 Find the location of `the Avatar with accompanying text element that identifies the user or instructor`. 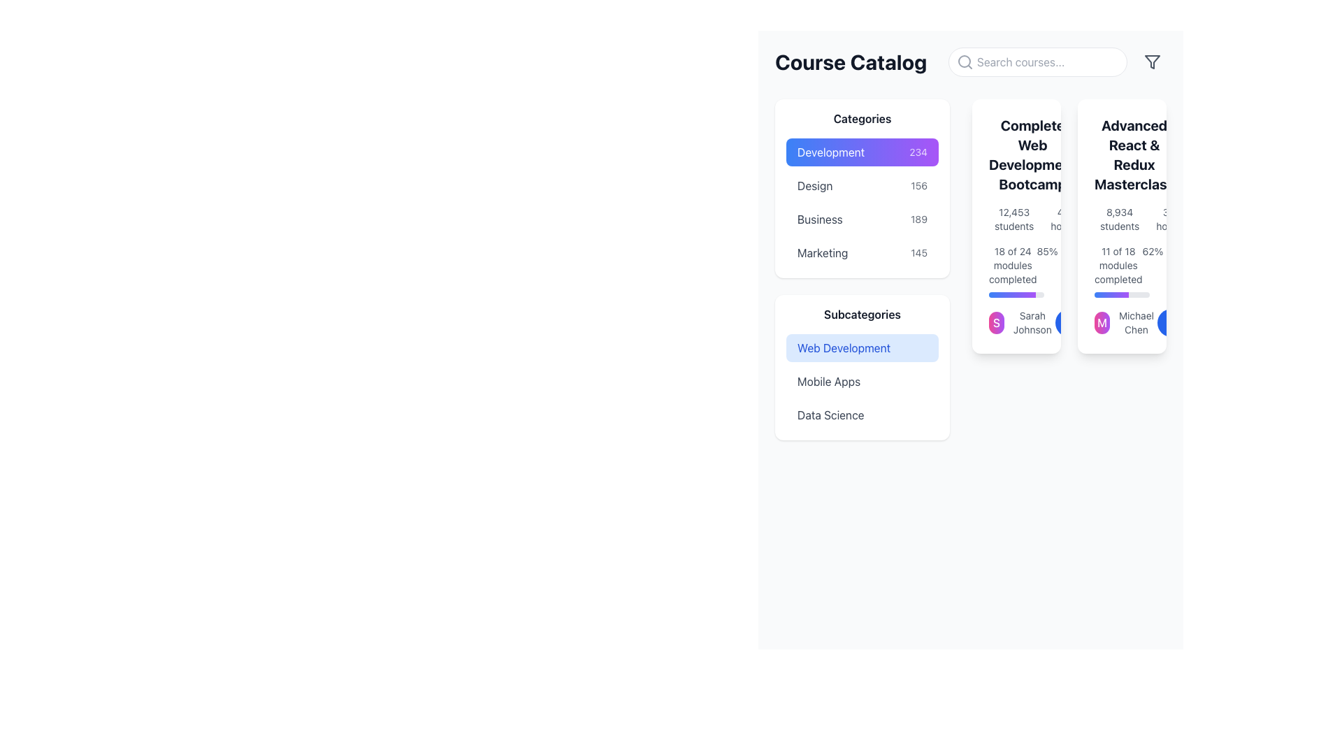

the Avatar with accompanying text element that identifies the user or instructor is located at coordinates (1125, 323).